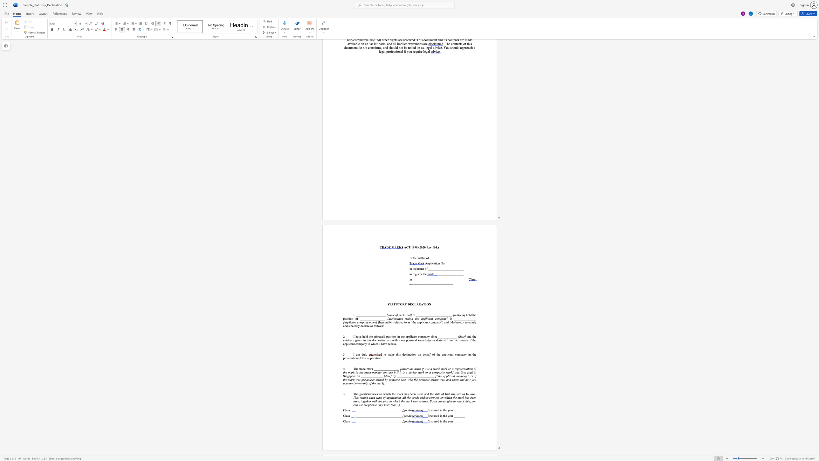 This screenshot has width=819, height=461. What do you see at coordinates (456, 376) in the screenshot?
I see `the subset text "company”, or if the mark was previo" within the text "[“the applicant company”, or if the mark was previously owned by someone else, who the previous owner was, and when and how you acquired ownership of the mark]"` at bounding box center [456, 376].